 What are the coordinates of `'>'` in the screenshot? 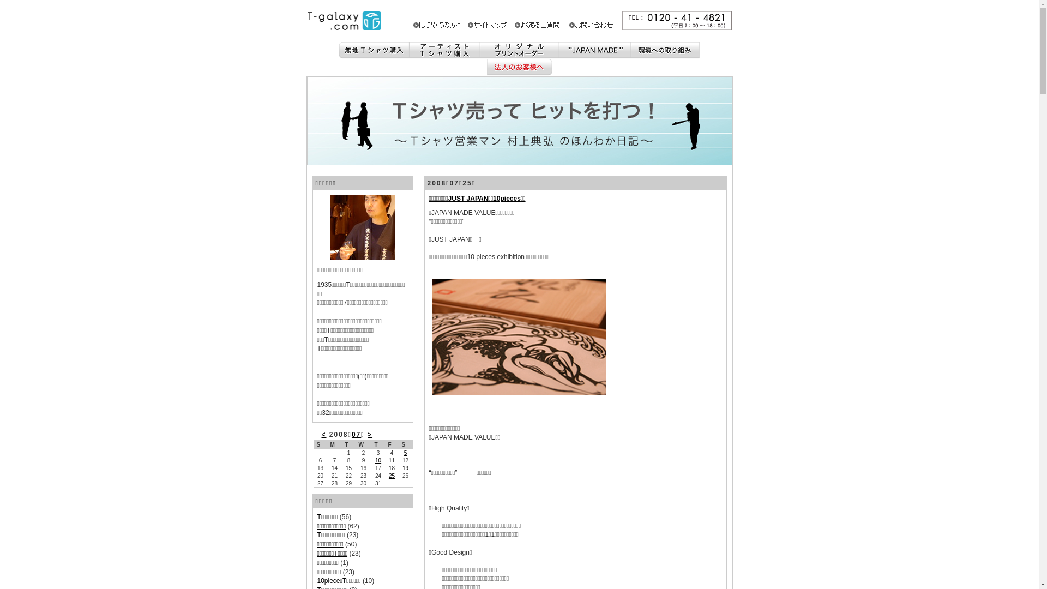 It's located at (370, 434).